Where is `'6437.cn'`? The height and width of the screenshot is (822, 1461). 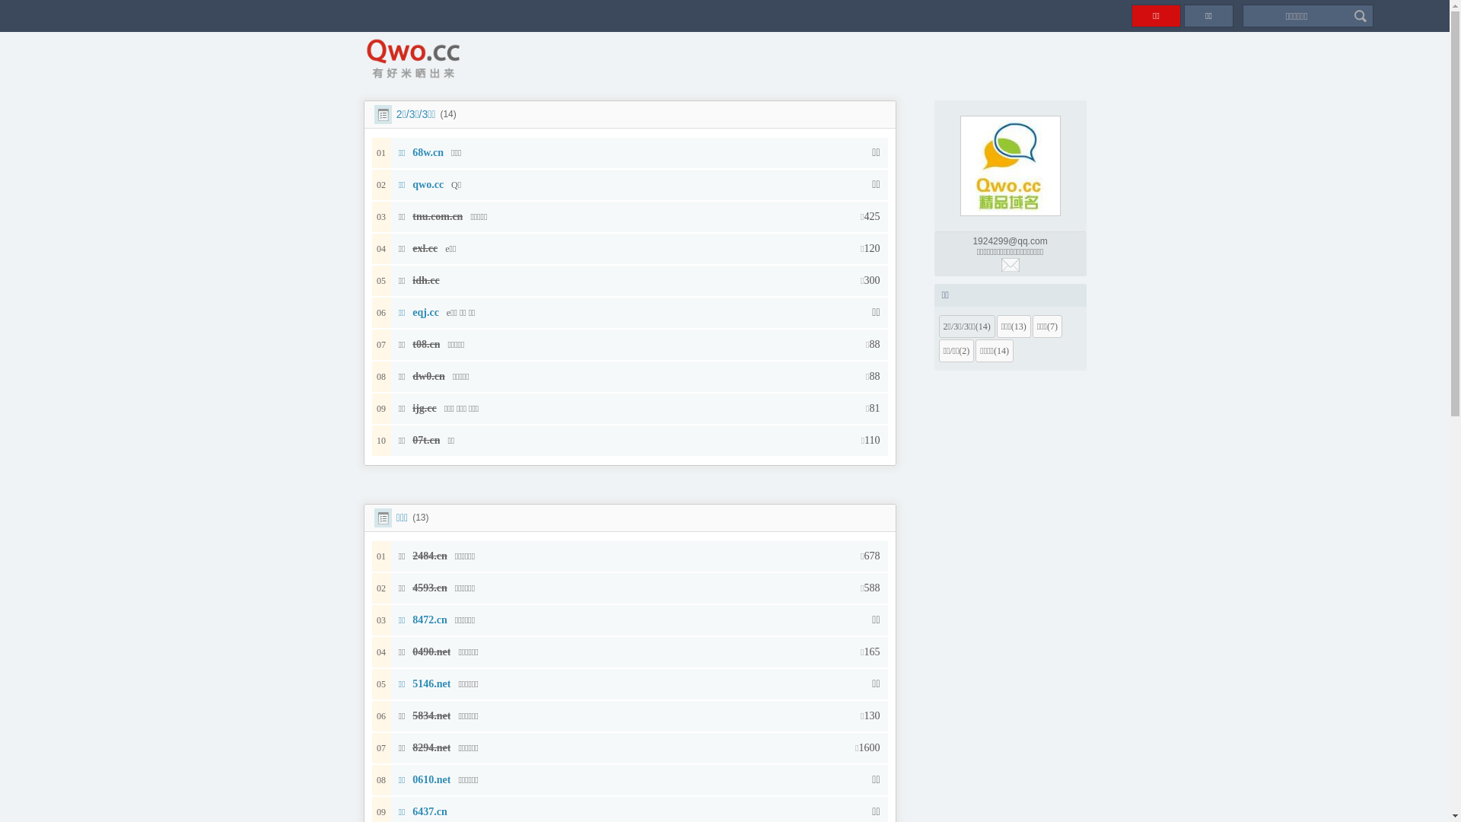
'6437.cn' is located at coordinates (429, 811).